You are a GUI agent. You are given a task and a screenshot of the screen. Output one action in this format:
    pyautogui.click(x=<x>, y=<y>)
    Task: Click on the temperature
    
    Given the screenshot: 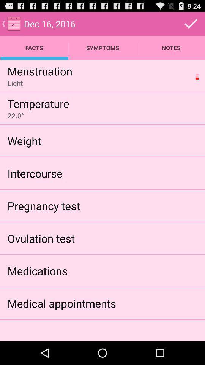 What is the action you would take?
    pyautogui.click(x=38, y=103)
    